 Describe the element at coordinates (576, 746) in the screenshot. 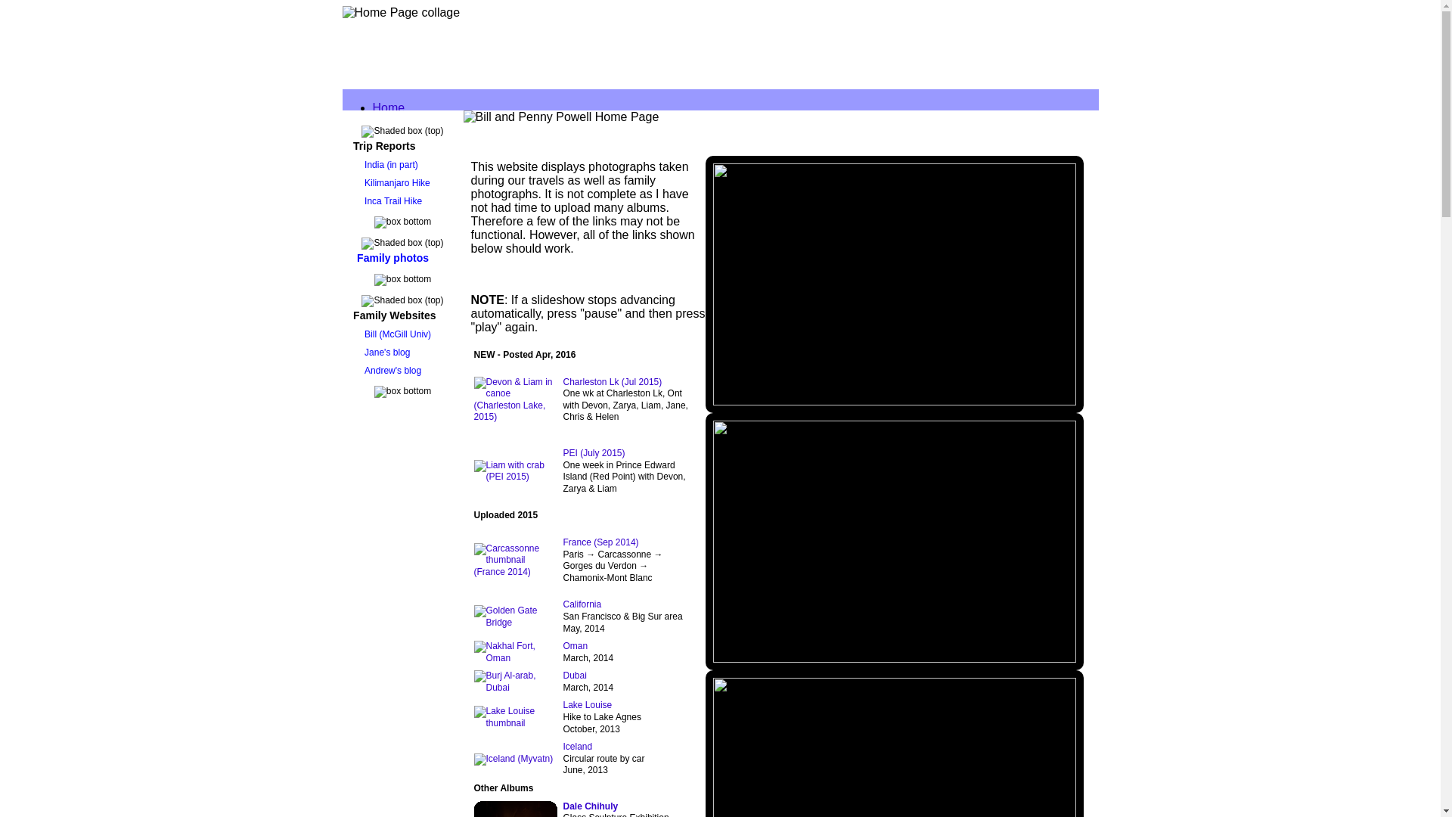

I see `'Iceland'` at that location.